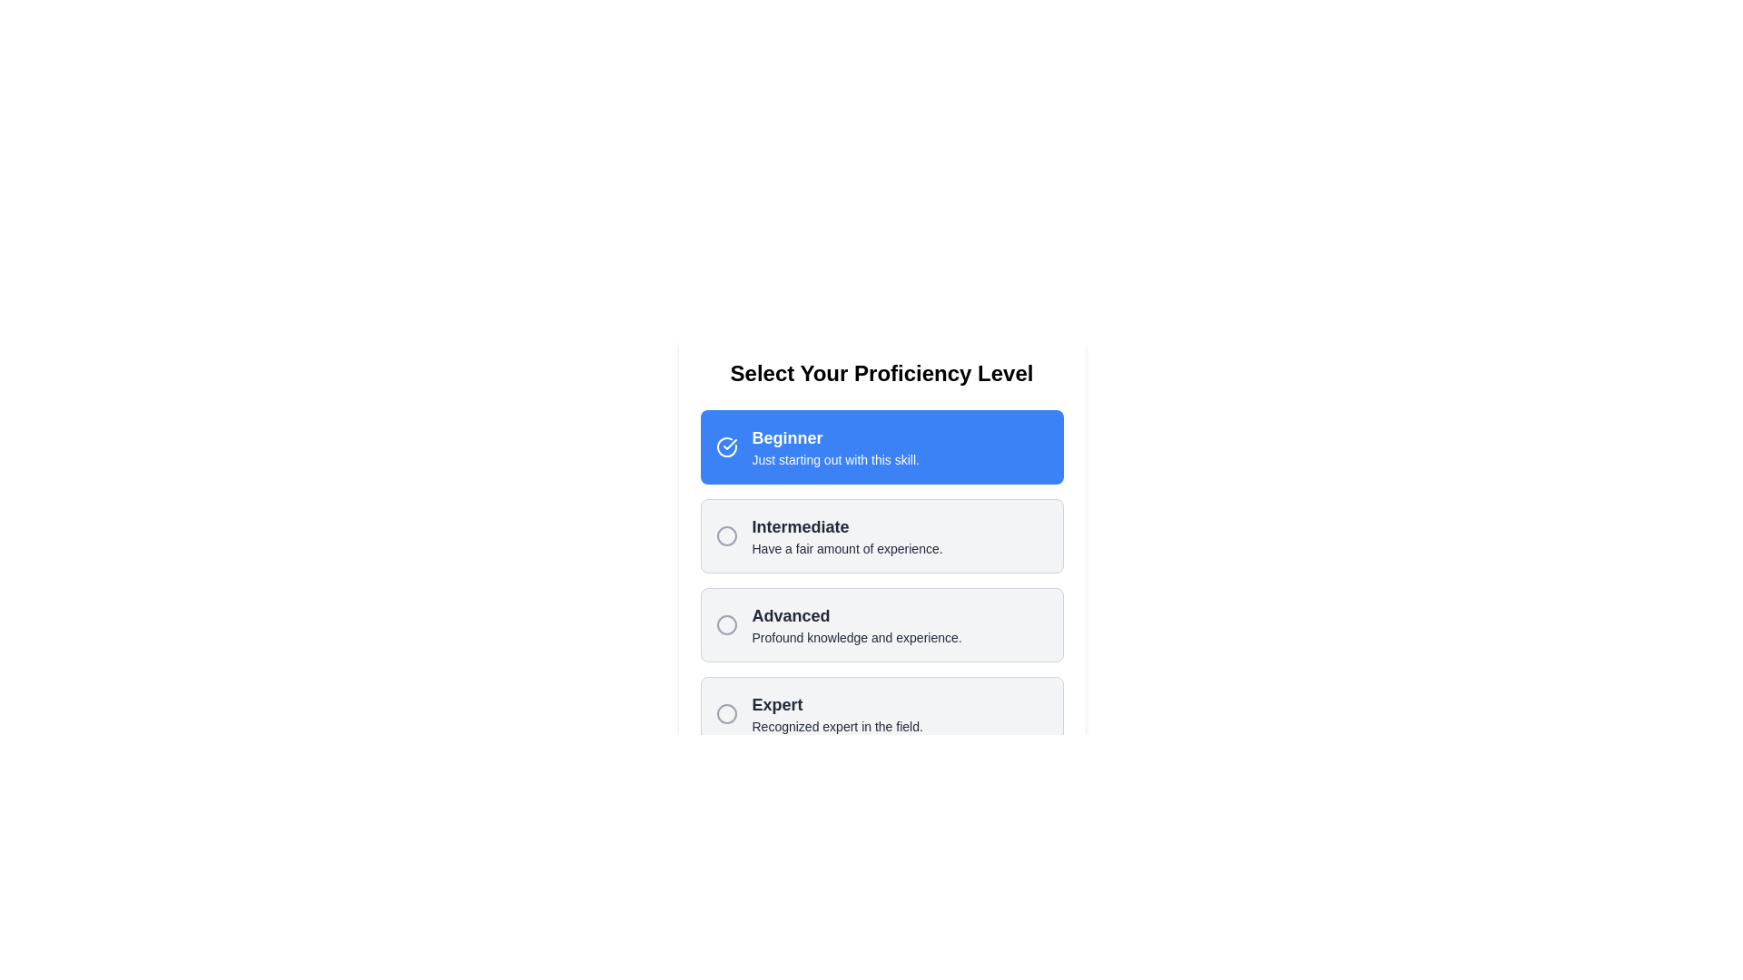 The image size is (1743, 980). What do you see at coordinates (881, 581) in the screenshot?
I see `the 'Intermediate' proficiency section in the selectable list` at bounding box center [881, 581].